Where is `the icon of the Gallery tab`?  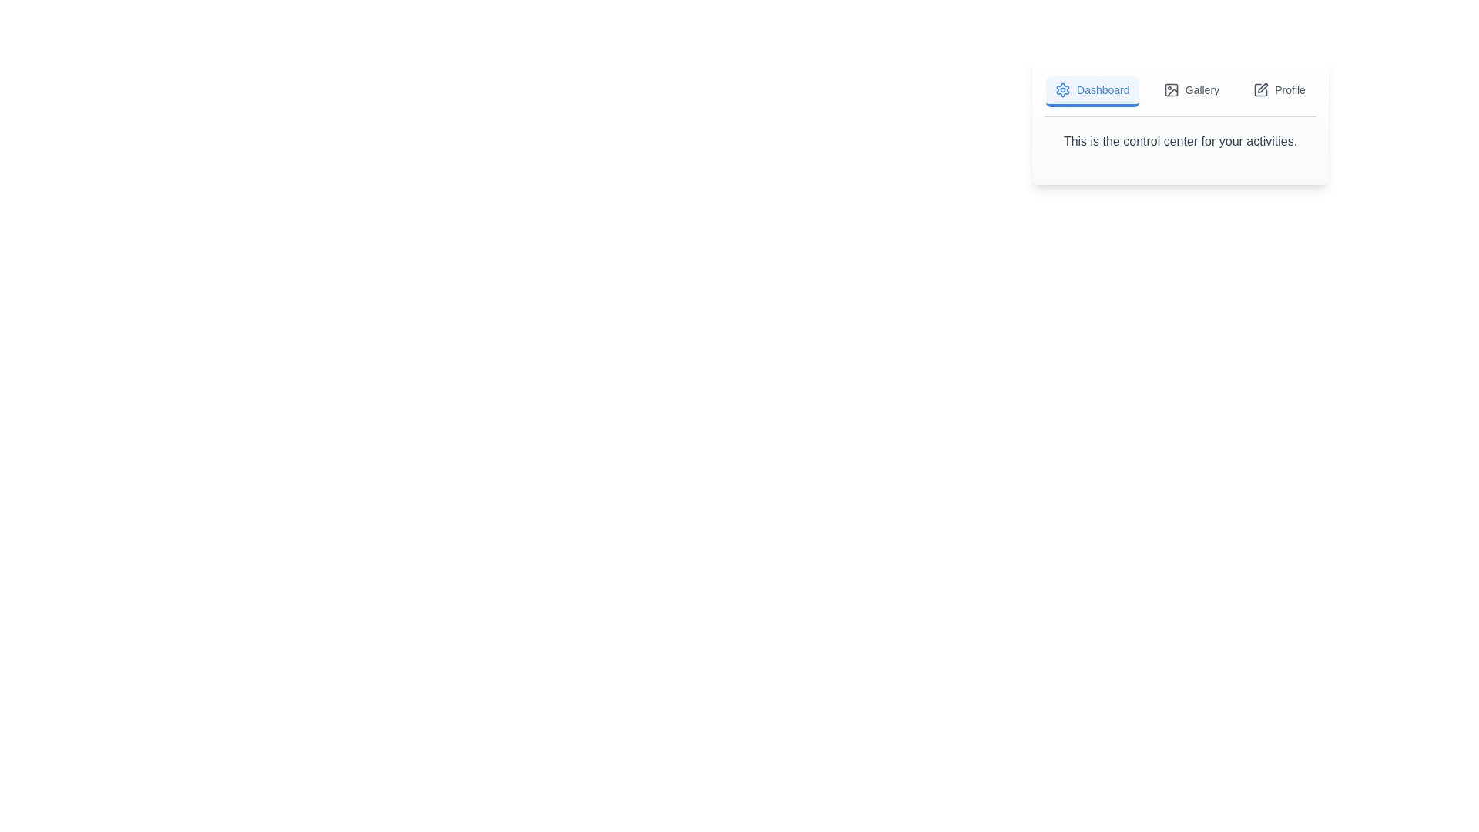
the icon of the Gallery tab is located at coordinates (1171, 89).